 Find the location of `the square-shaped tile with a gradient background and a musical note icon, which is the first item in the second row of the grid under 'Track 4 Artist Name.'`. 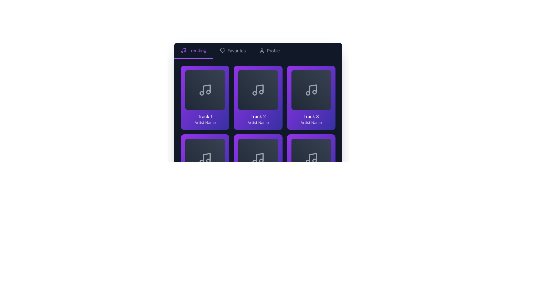

the square-shaped tile with a gradient background and a musical note icon, which is the first item in the second row of the grid under 'Track 4 Artist Name.' is located at coordinates (205, 159).